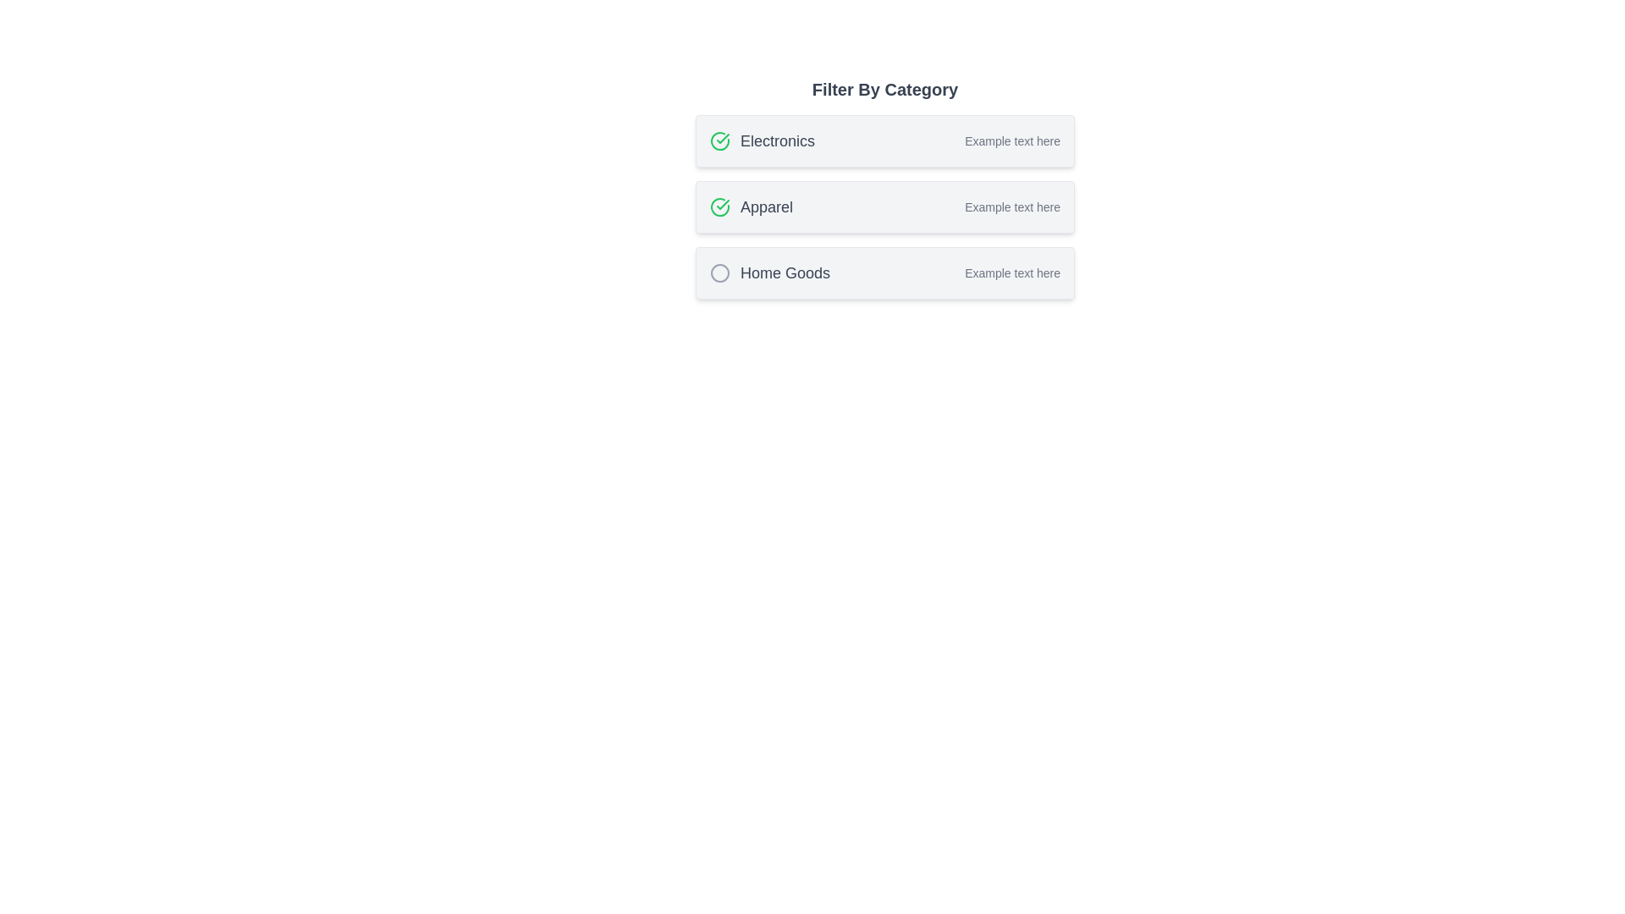 The image size is (1625, 914). I want to click on the circular icon with a checkmark inside, which is styled with a thin border and filled with green, so click(719, 140).